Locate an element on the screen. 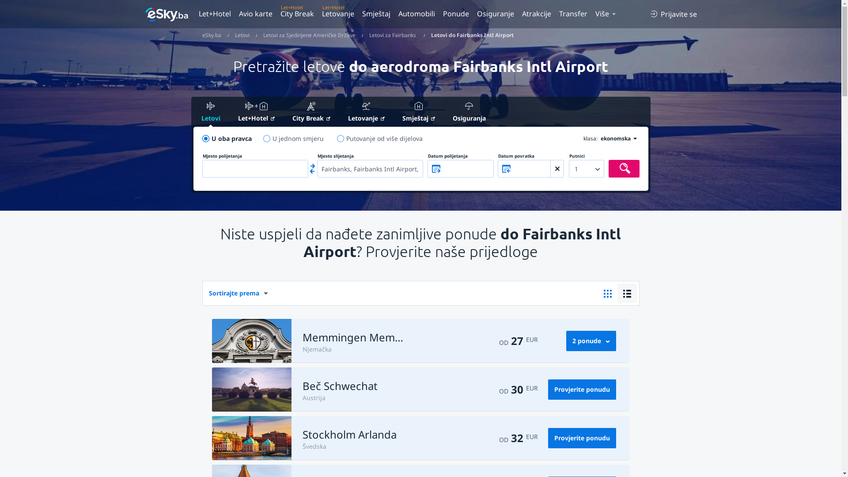 The width and height of the screenshot is (848, 477). 'Provjerite ponudu' is located at coordinates (582, 389).